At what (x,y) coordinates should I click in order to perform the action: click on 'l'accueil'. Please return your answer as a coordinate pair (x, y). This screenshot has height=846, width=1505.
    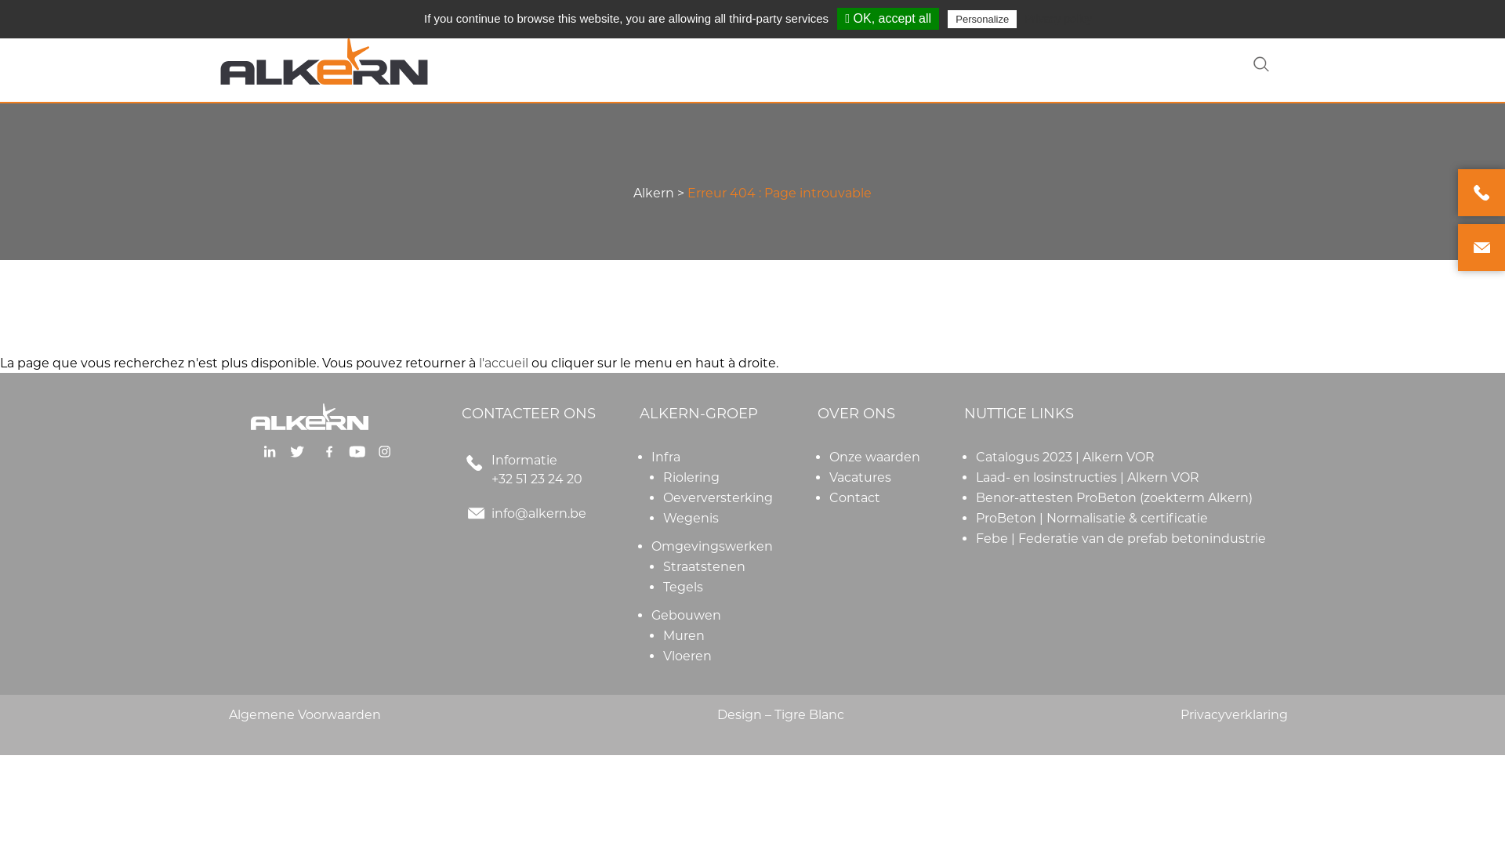
    Looking at the image, I should click on (503, 363).